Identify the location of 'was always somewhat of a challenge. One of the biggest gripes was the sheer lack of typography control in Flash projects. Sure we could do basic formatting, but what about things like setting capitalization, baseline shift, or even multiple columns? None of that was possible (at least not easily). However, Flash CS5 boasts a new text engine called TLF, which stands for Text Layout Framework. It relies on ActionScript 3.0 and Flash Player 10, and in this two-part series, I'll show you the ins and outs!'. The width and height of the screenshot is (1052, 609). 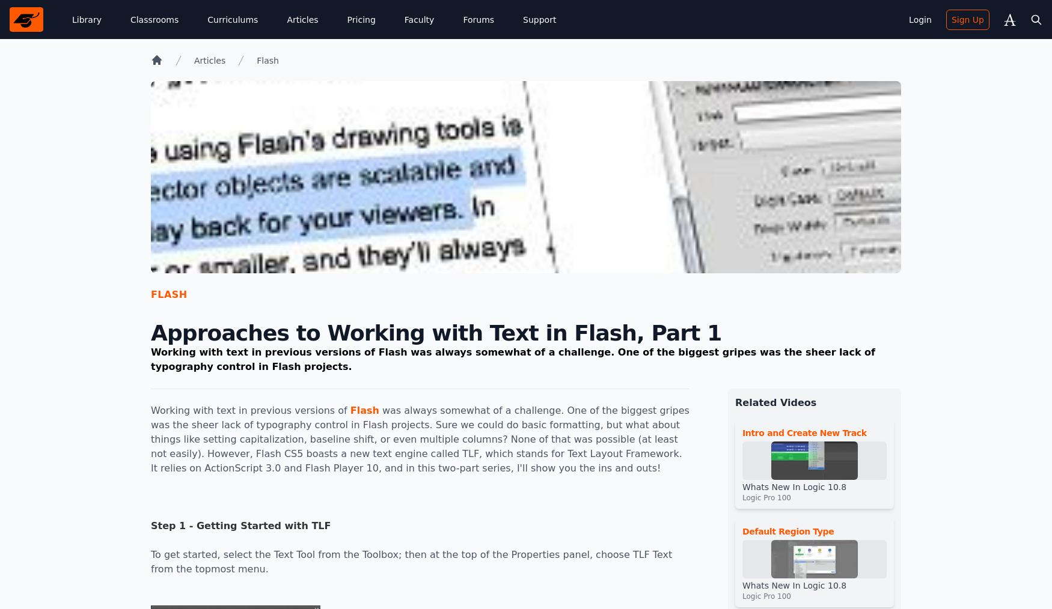
(420, 438).